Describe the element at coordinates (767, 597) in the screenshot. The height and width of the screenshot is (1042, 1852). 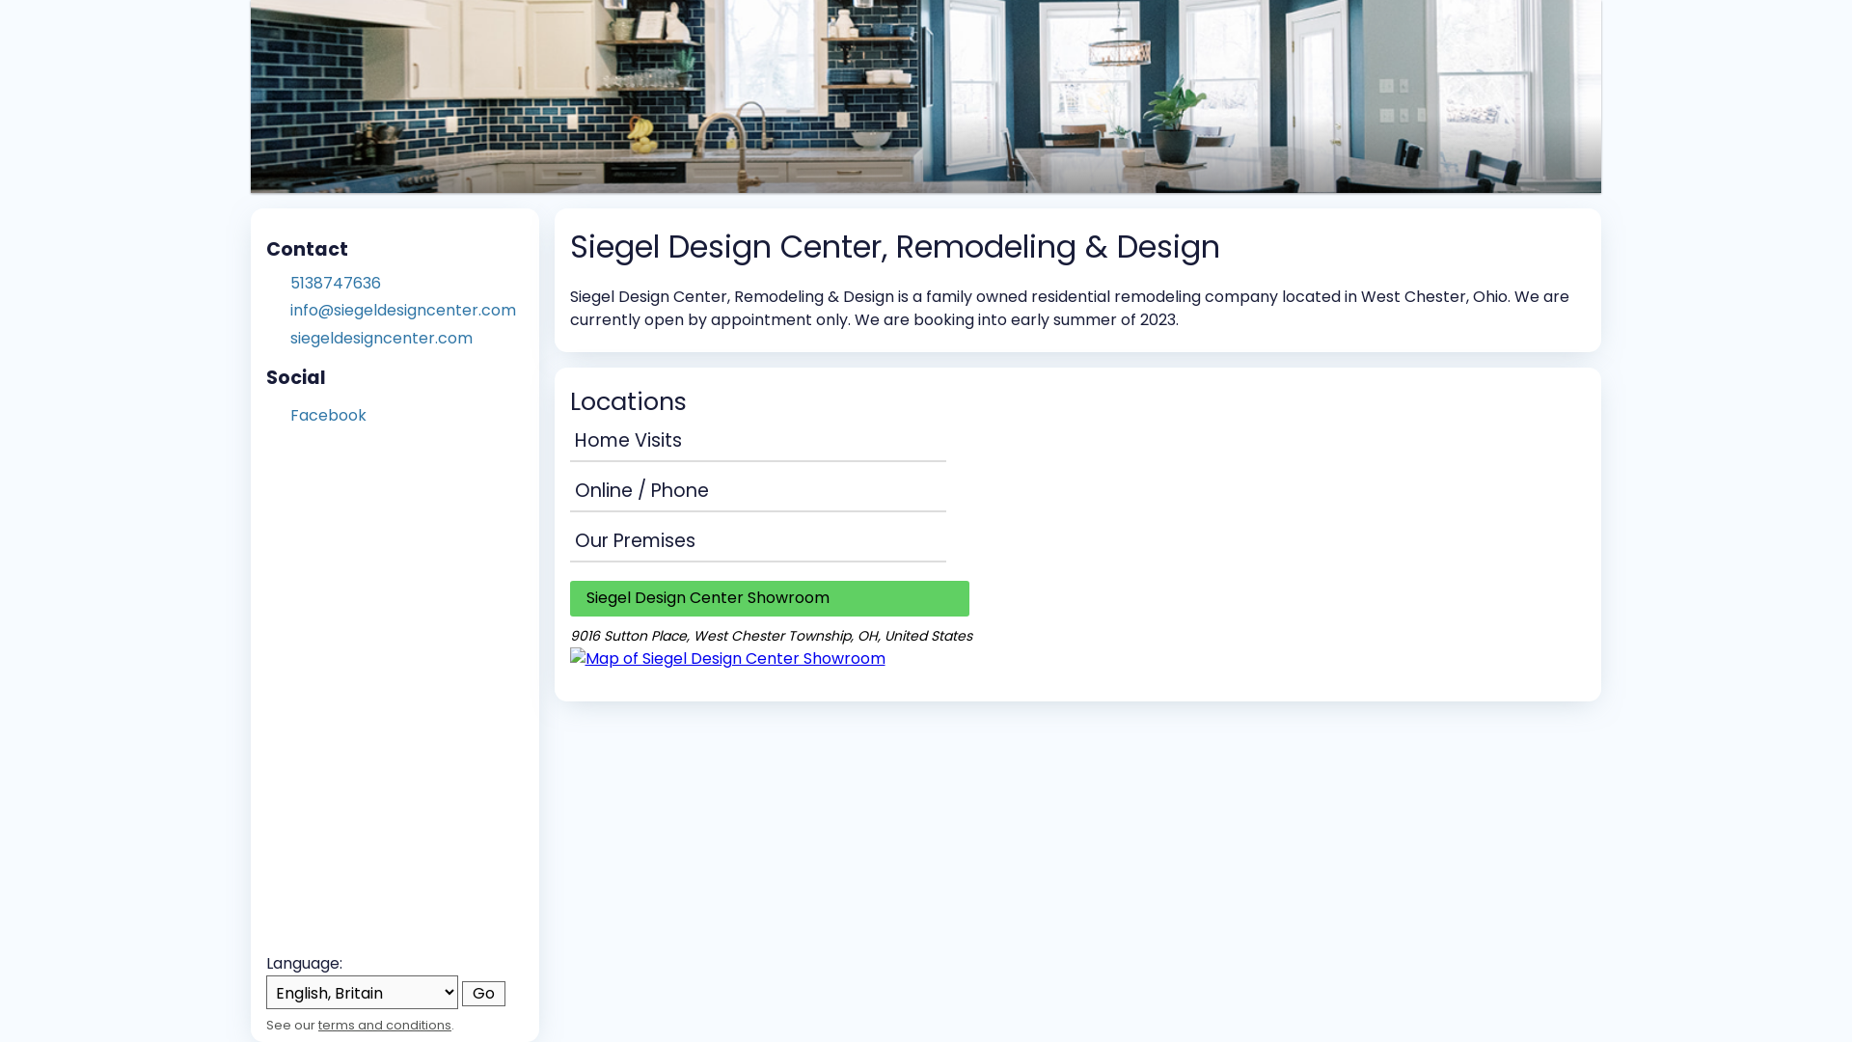
I see `'Siegel Design Center Showroom'` at that location.